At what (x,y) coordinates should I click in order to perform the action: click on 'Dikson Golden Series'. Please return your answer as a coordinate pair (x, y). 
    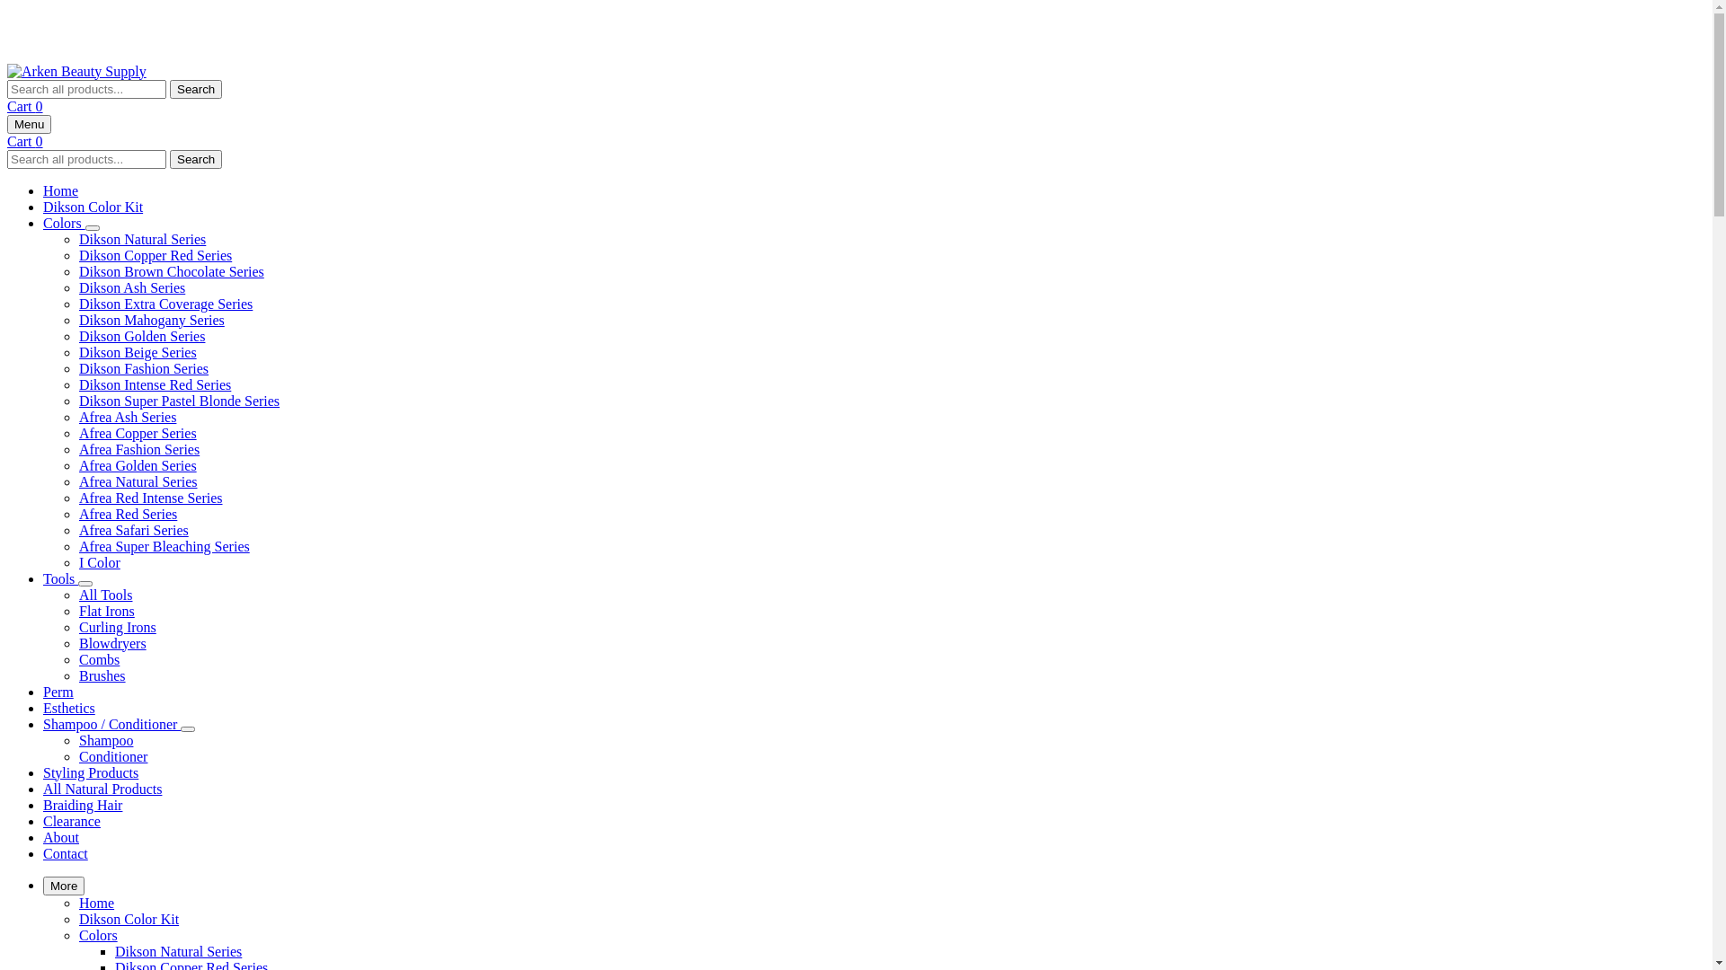
    Looking at the image, I should click on (141, 336).